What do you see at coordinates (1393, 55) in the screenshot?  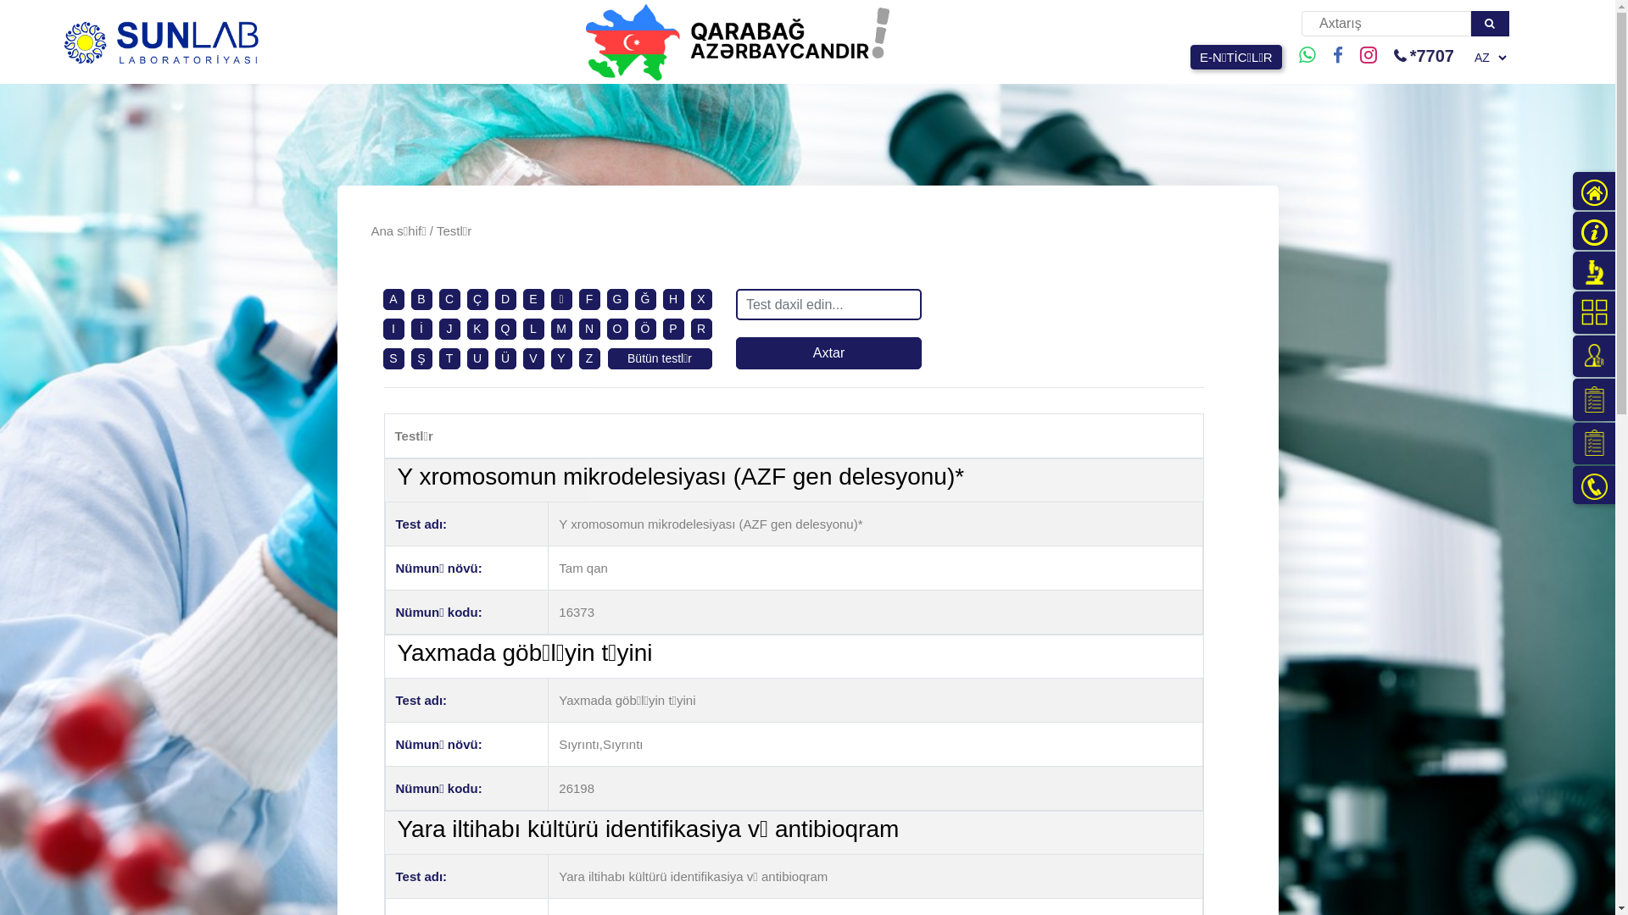 I see `'*7707'` at bounding box center [1393, 55].